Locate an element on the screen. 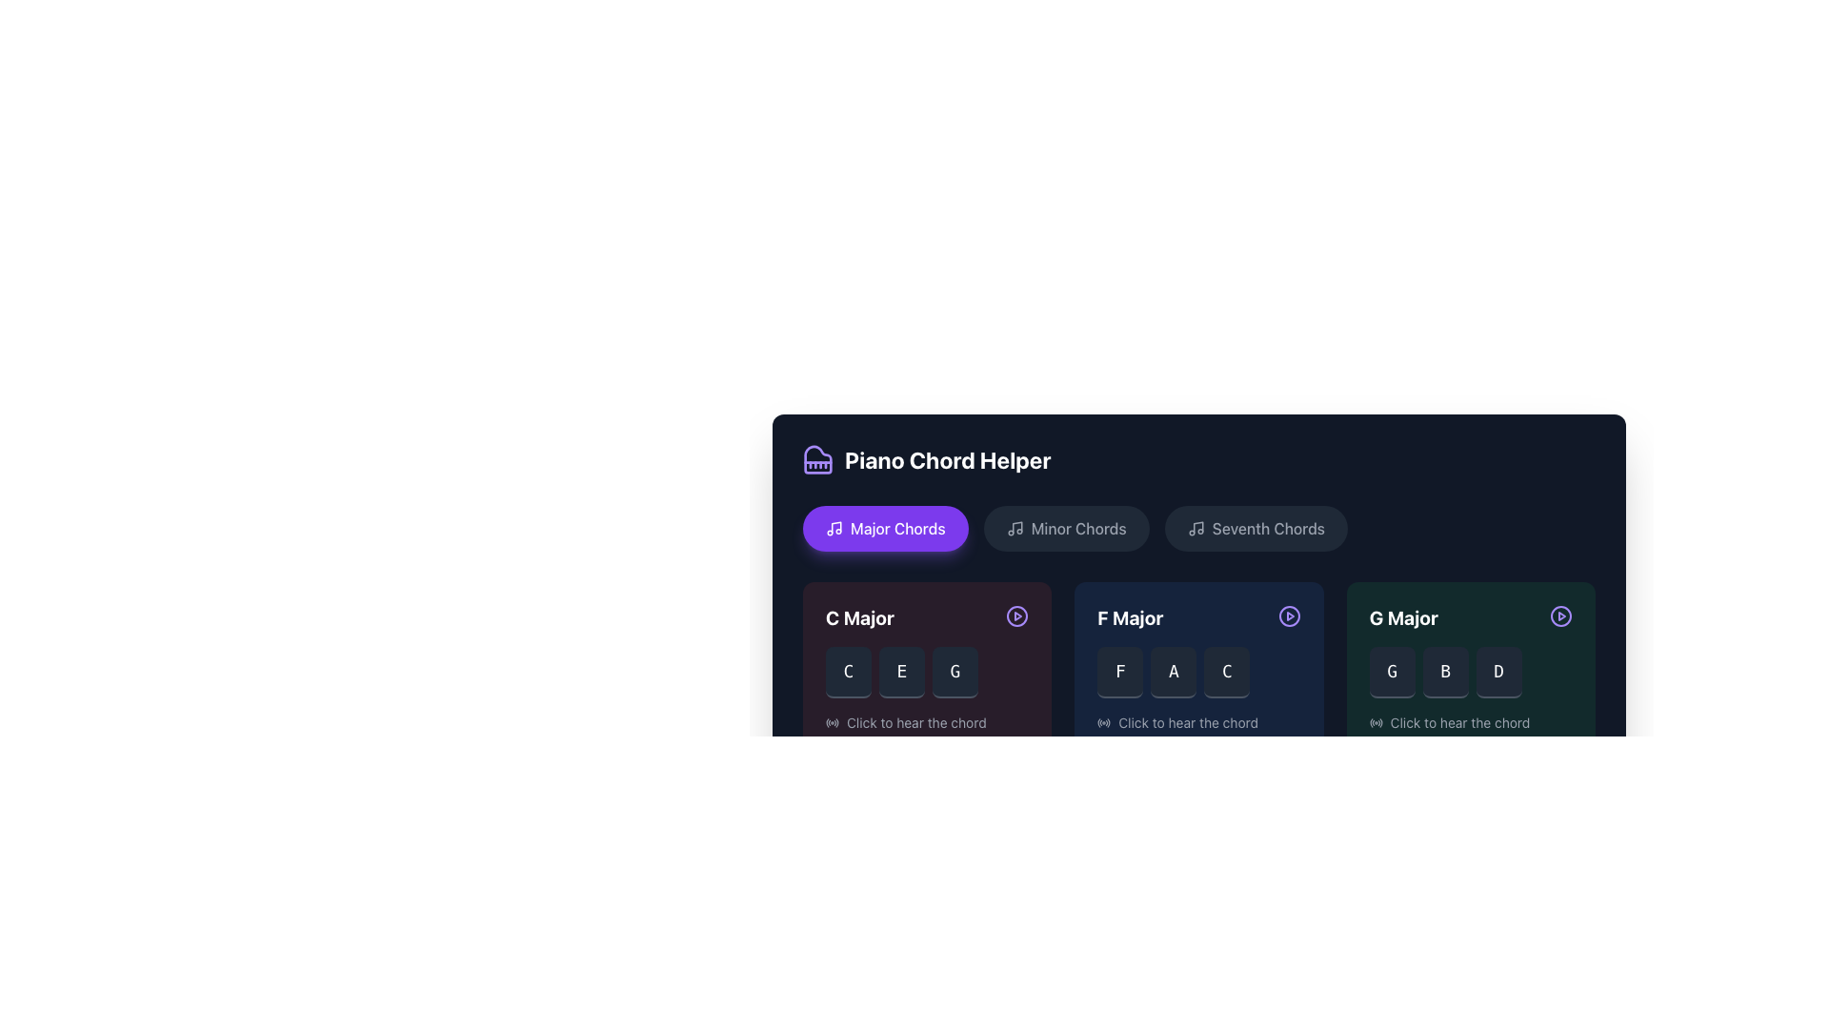  the graphical icon representing the circular component of the 'C Major' chord group, located adjacent to the 'C Major' label is located at coordinates (1016, 616).